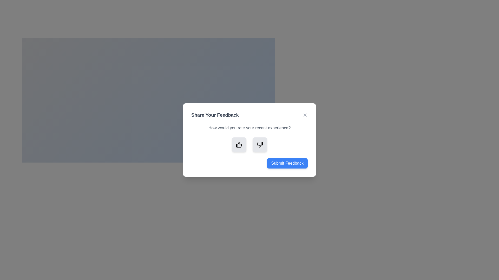  Describe the element at coordinates (287, 163) in the screenshot. I see `the feedback submission button located in the bottom-right corner of the centered modal window` at that location.